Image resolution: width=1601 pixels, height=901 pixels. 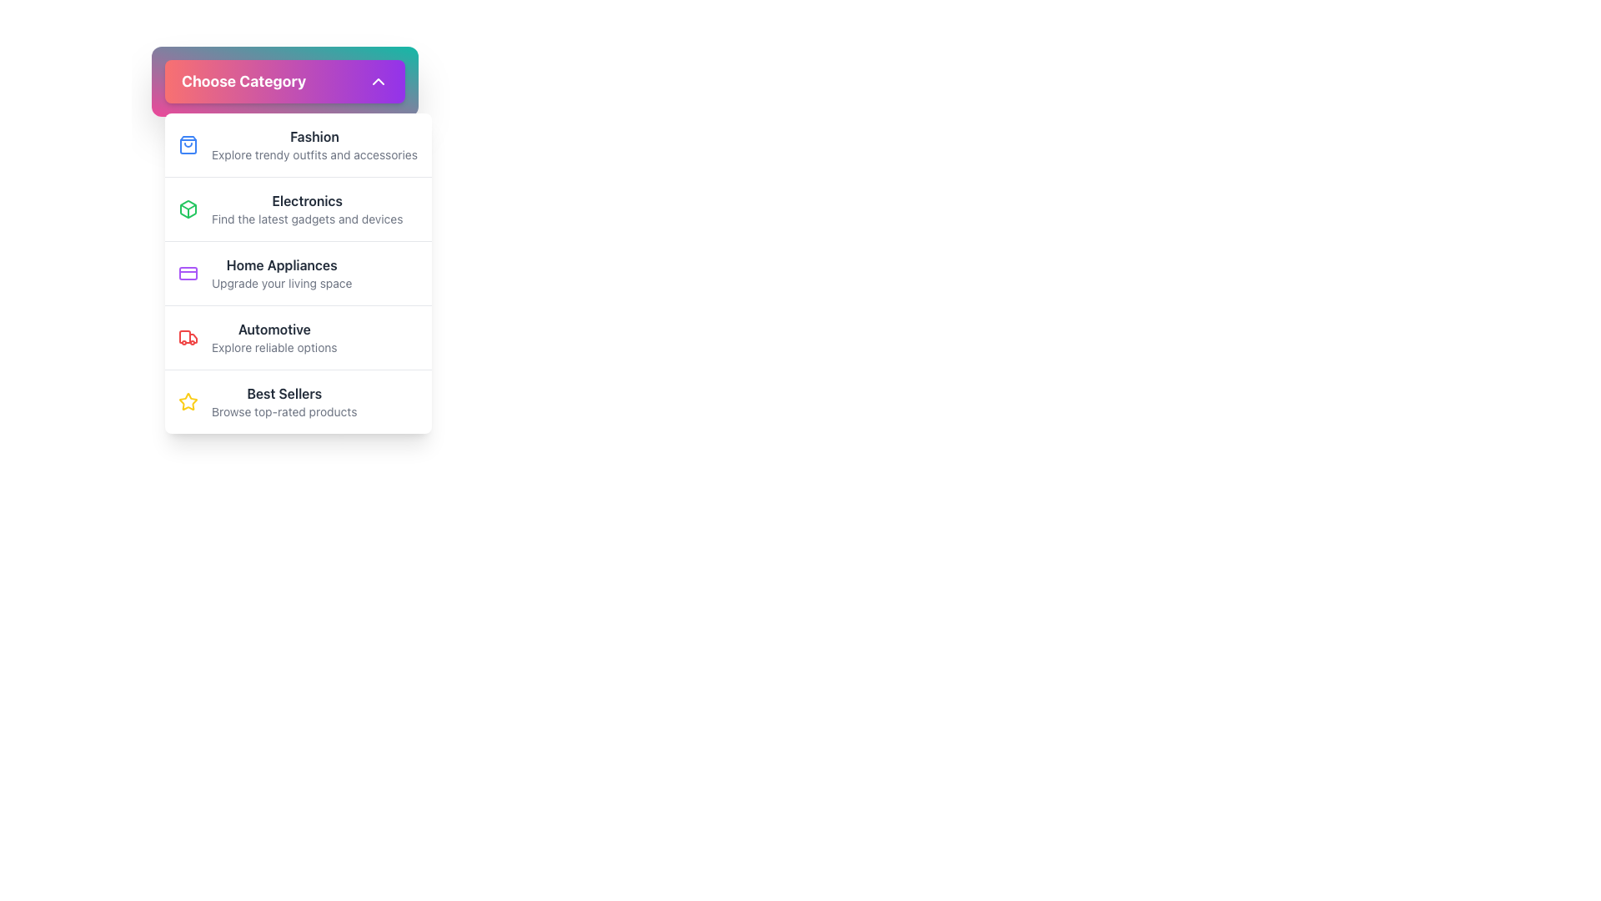 What do you see at coordinates (284, 411) in the screenshot?
I see `the text label reading 'Browse top-rated products' located beneath the 'Best Sellers' label in the dropdown menu` at bounding box center [284, 411].